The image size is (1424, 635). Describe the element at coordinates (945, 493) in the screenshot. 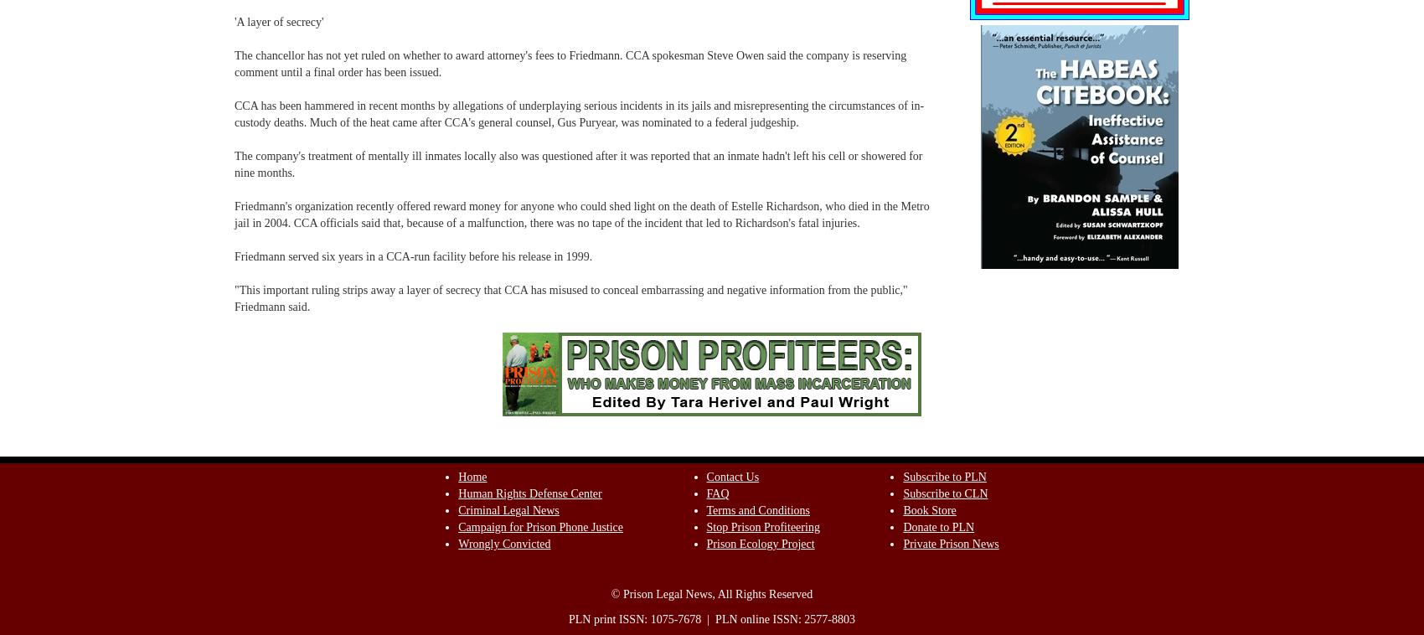

I see `'Subscribe to CLN'` at that location.